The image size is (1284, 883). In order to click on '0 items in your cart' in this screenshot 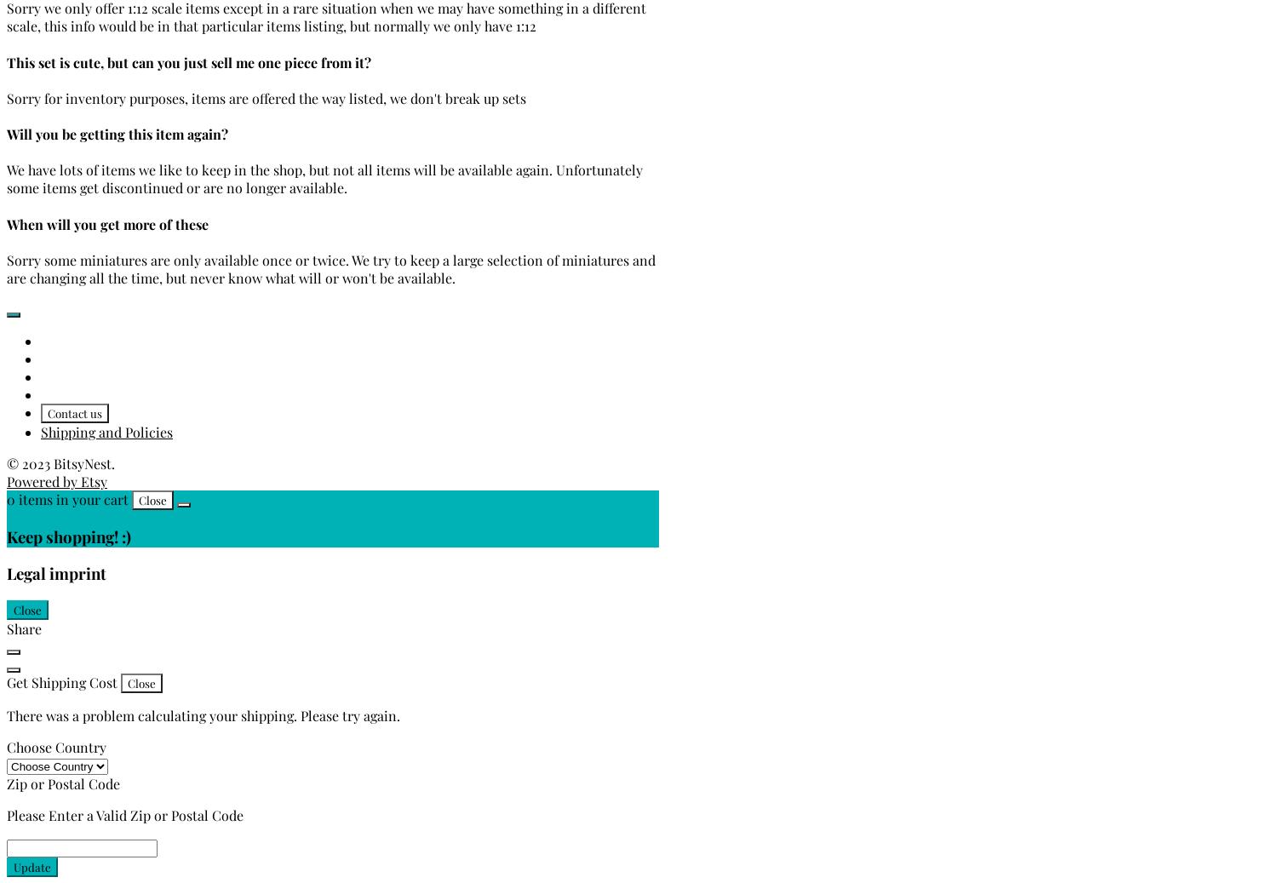, I will do `click(67, 498)`.